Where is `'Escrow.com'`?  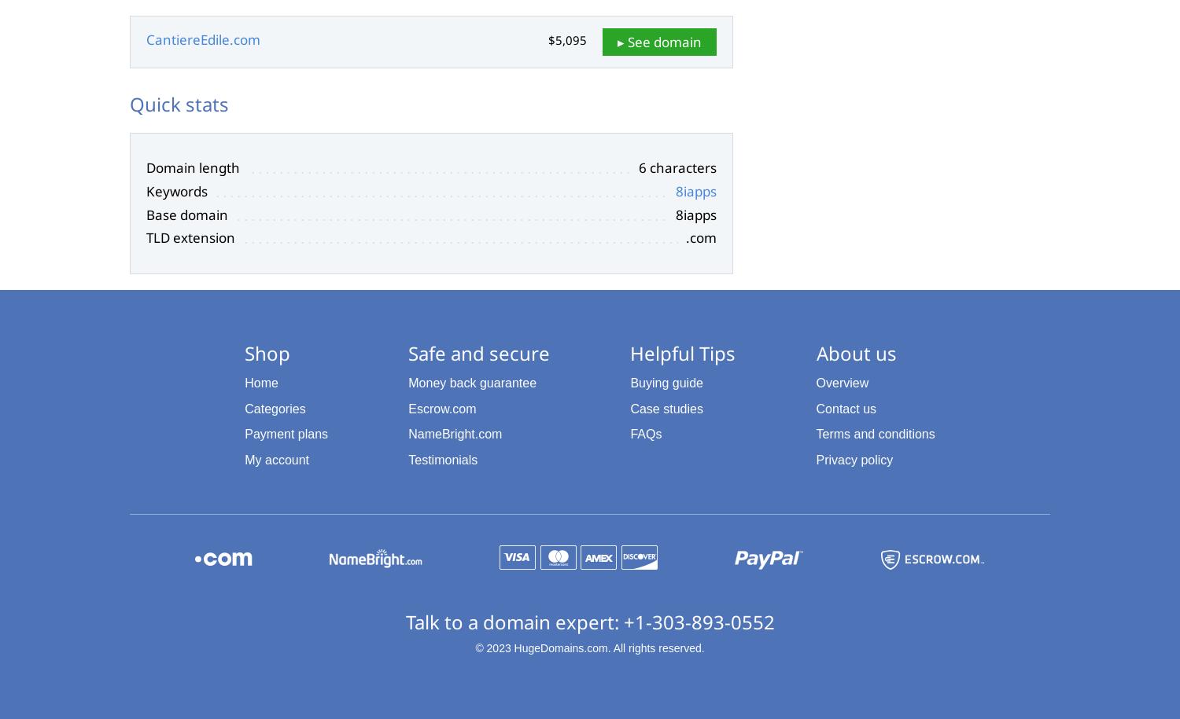
'Escrow.com' is located at coordinates (408, 408).